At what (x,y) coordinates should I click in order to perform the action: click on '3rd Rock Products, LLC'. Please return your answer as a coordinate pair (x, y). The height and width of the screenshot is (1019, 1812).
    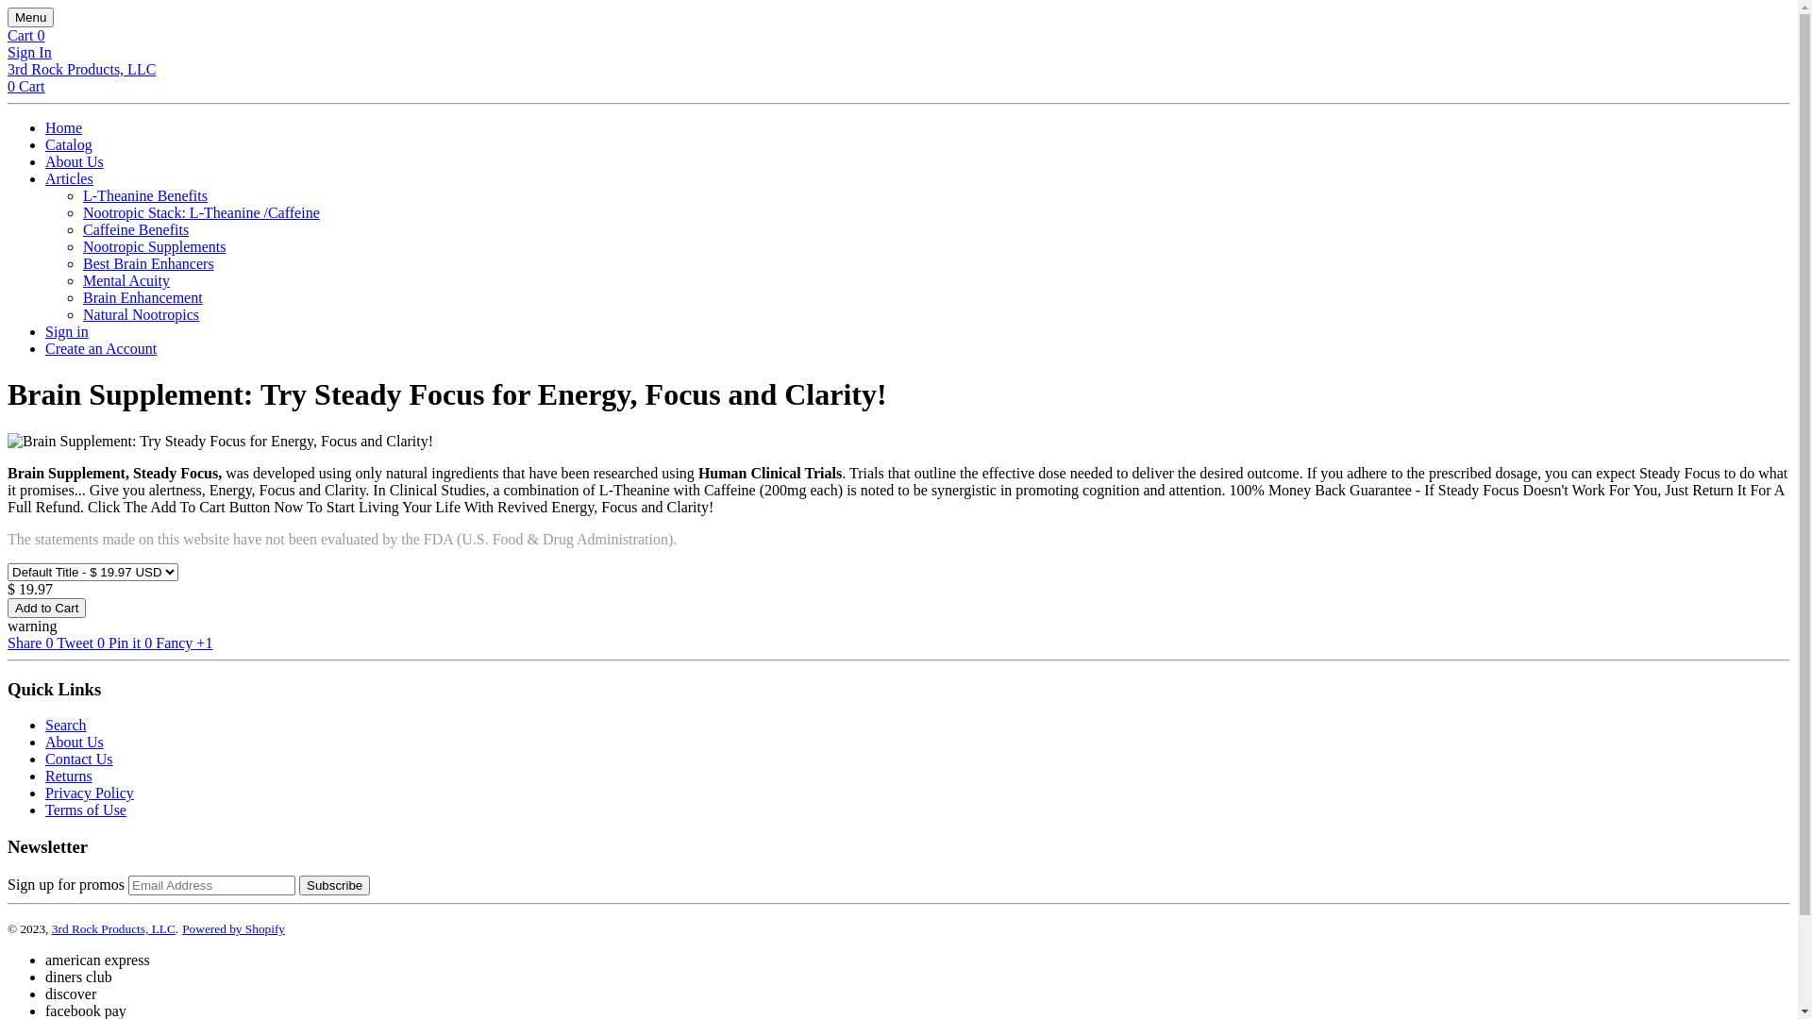
    Looking at the image, I should click on (80, 68).